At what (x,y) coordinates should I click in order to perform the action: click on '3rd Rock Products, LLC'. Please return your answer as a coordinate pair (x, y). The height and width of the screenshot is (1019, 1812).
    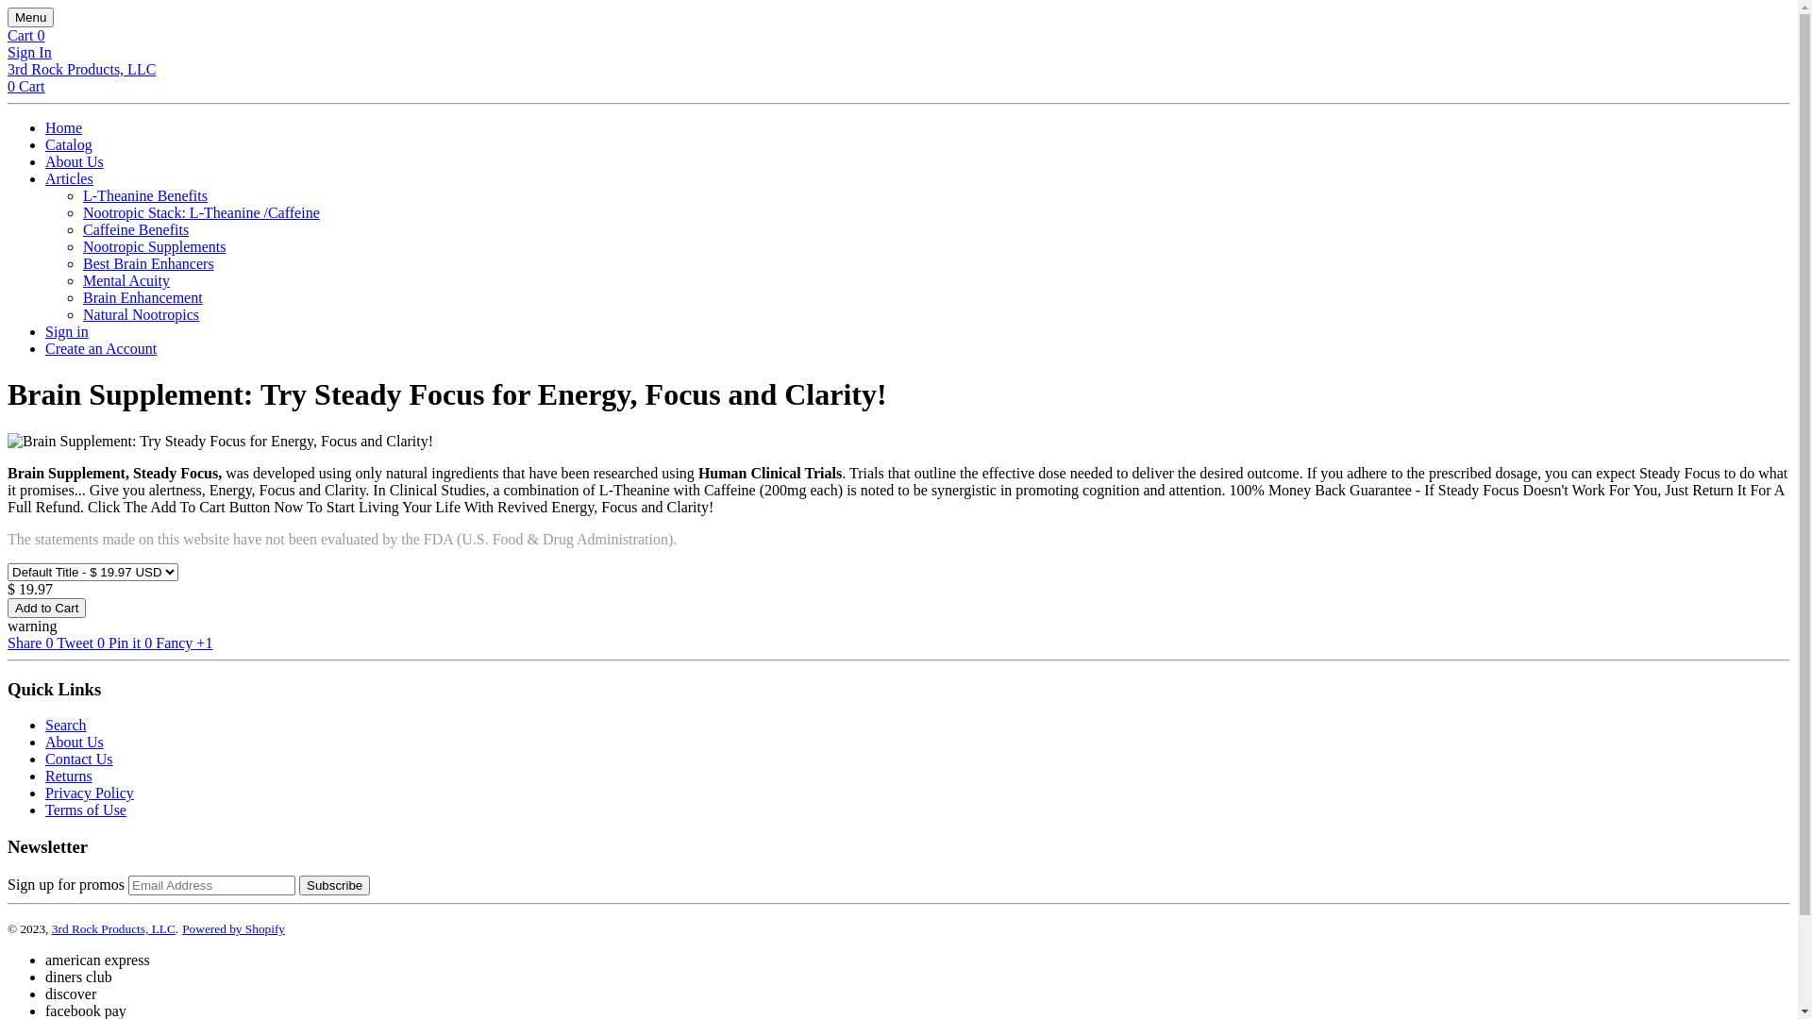
    Looking at the image, I should click on (80, 68).